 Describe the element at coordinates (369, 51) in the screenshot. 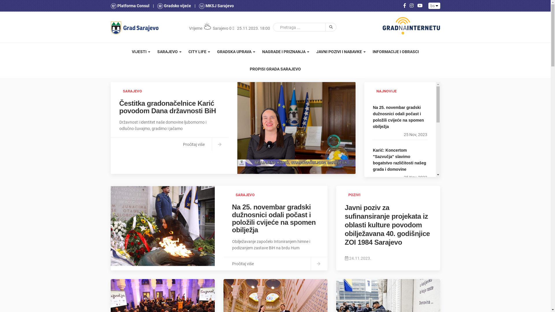

I see `'INFORMACIJE I OBRASCI'` at that location.